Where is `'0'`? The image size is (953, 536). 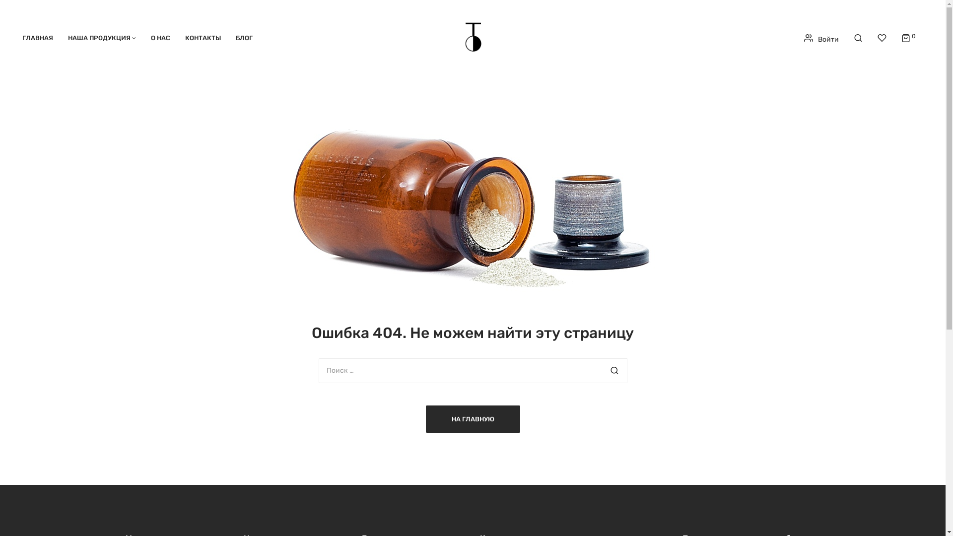 '0' is located at coordinates (913, 35).